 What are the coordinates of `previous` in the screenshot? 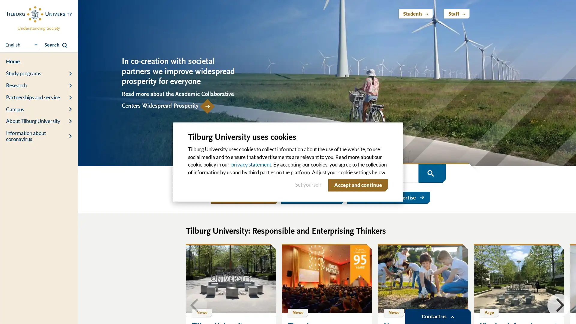 It's located at (195, 305).